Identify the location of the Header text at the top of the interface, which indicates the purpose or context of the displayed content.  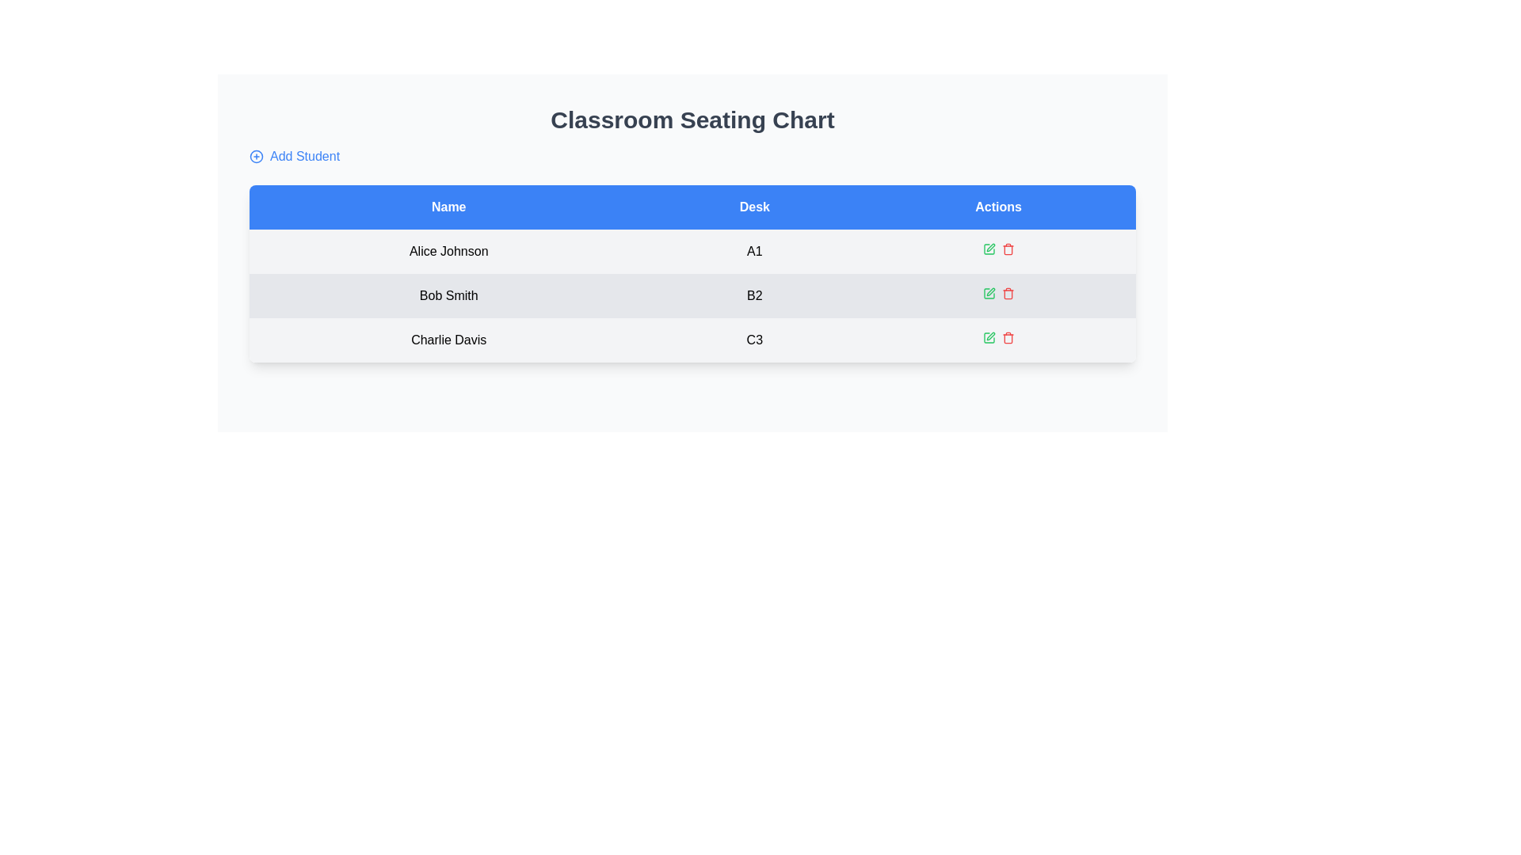
(692, 135).